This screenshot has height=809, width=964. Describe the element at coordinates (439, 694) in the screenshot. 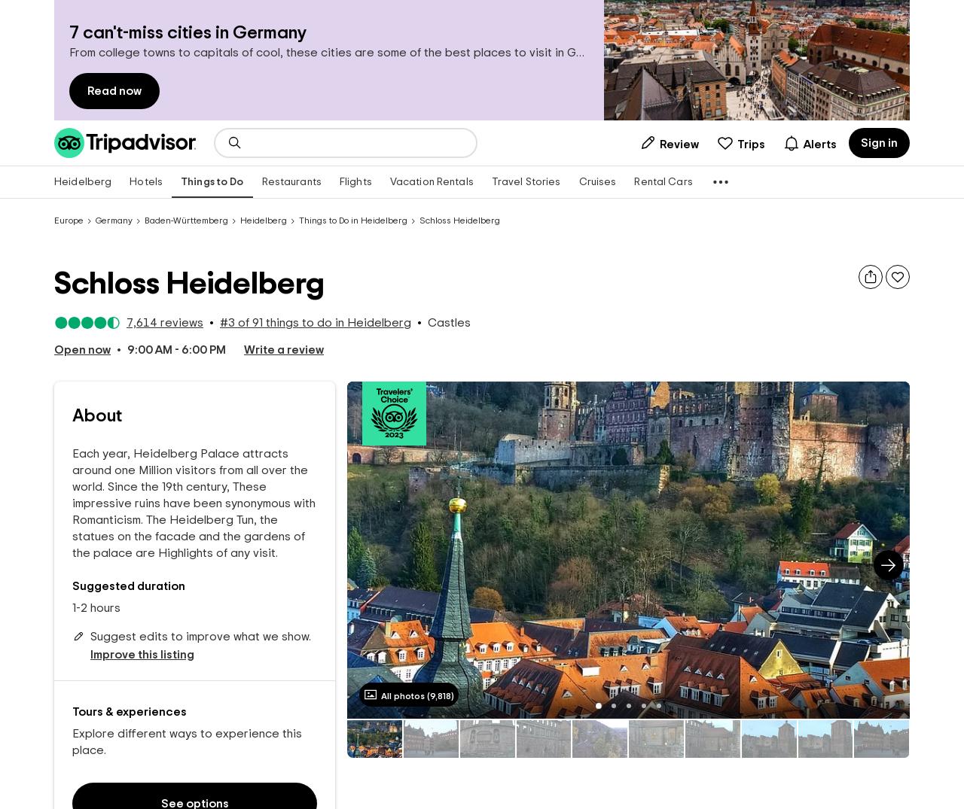

I see `'9,818'` at that location.